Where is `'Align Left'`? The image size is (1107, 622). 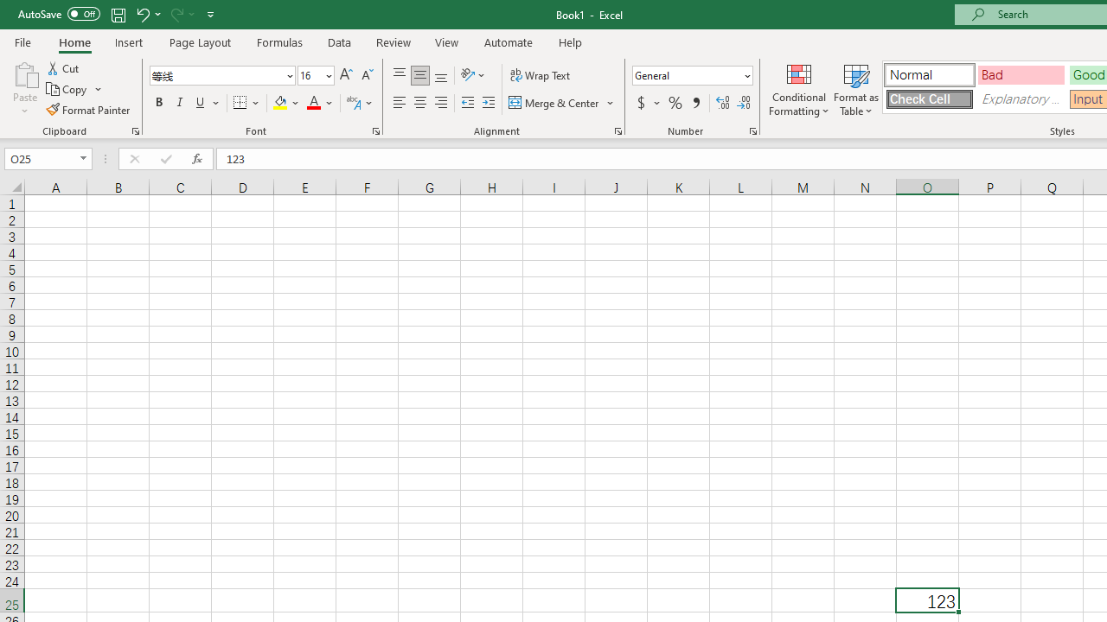 'Align Left' is located at coordinates (399, 103).